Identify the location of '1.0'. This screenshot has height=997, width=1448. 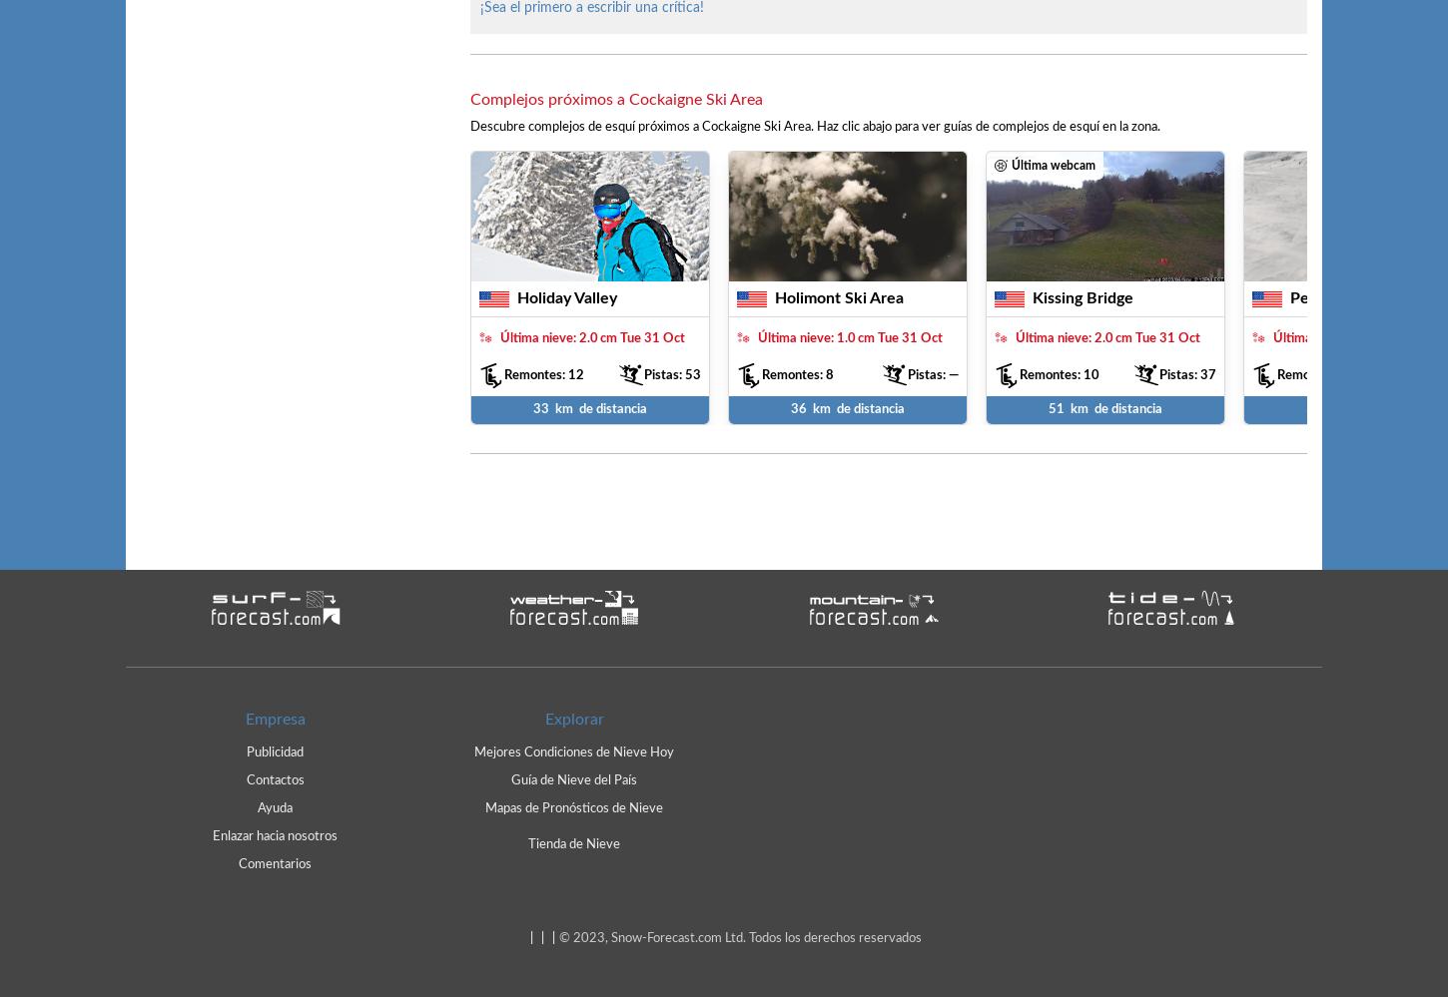
(845, 337).